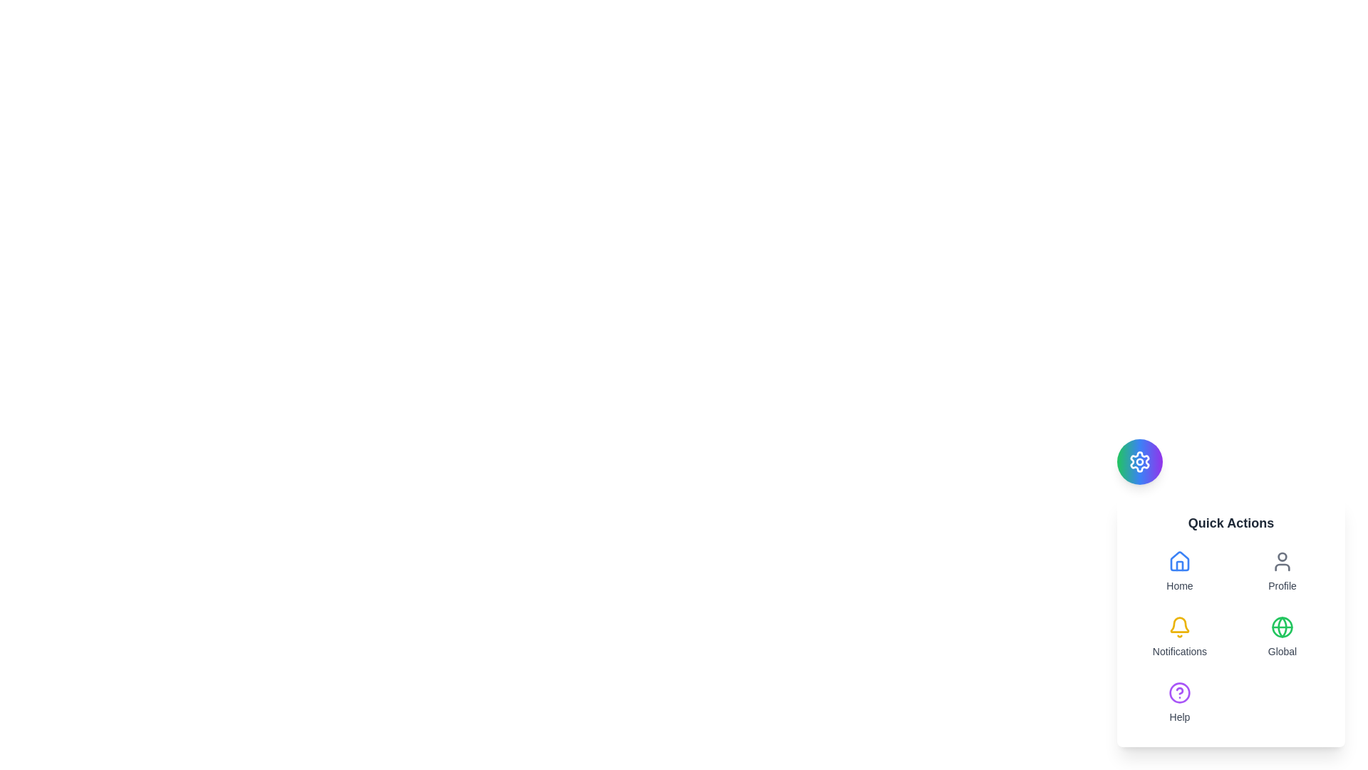 The height and width of the screenshot is (770, 1368). I want to click on the circular purple icon with a question mark symbol at its center, located in the bottom section of the 'Quick Actions' panel, so click(1180, 692).